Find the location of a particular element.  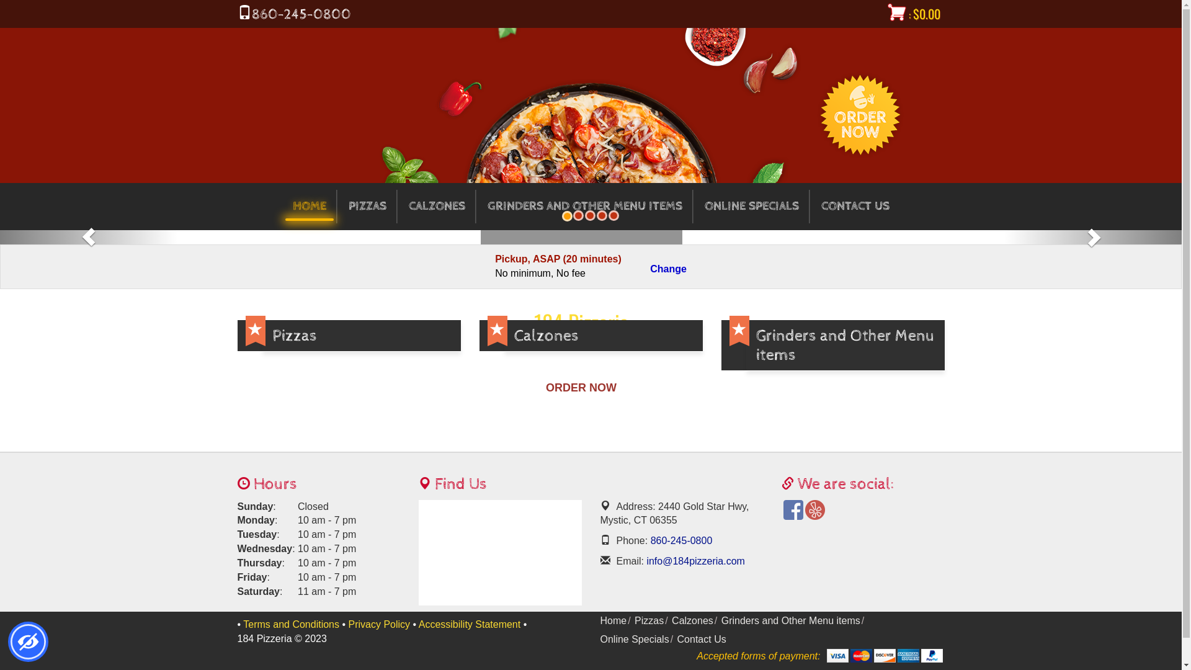

'ONLINE SPECIALS' is located at coordinates (751, 205).